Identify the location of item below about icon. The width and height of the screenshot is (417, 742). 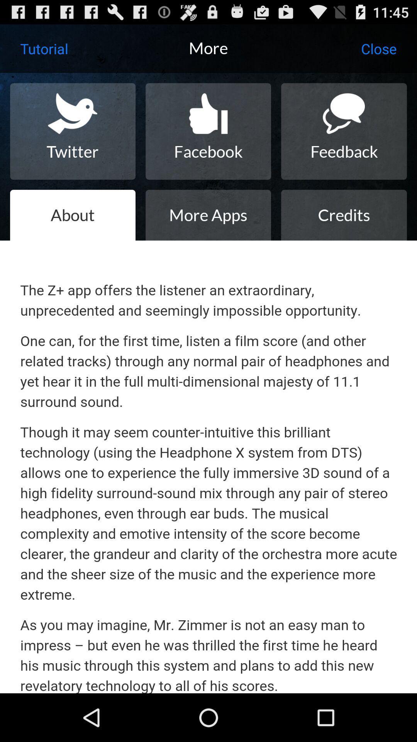
(208, 466).